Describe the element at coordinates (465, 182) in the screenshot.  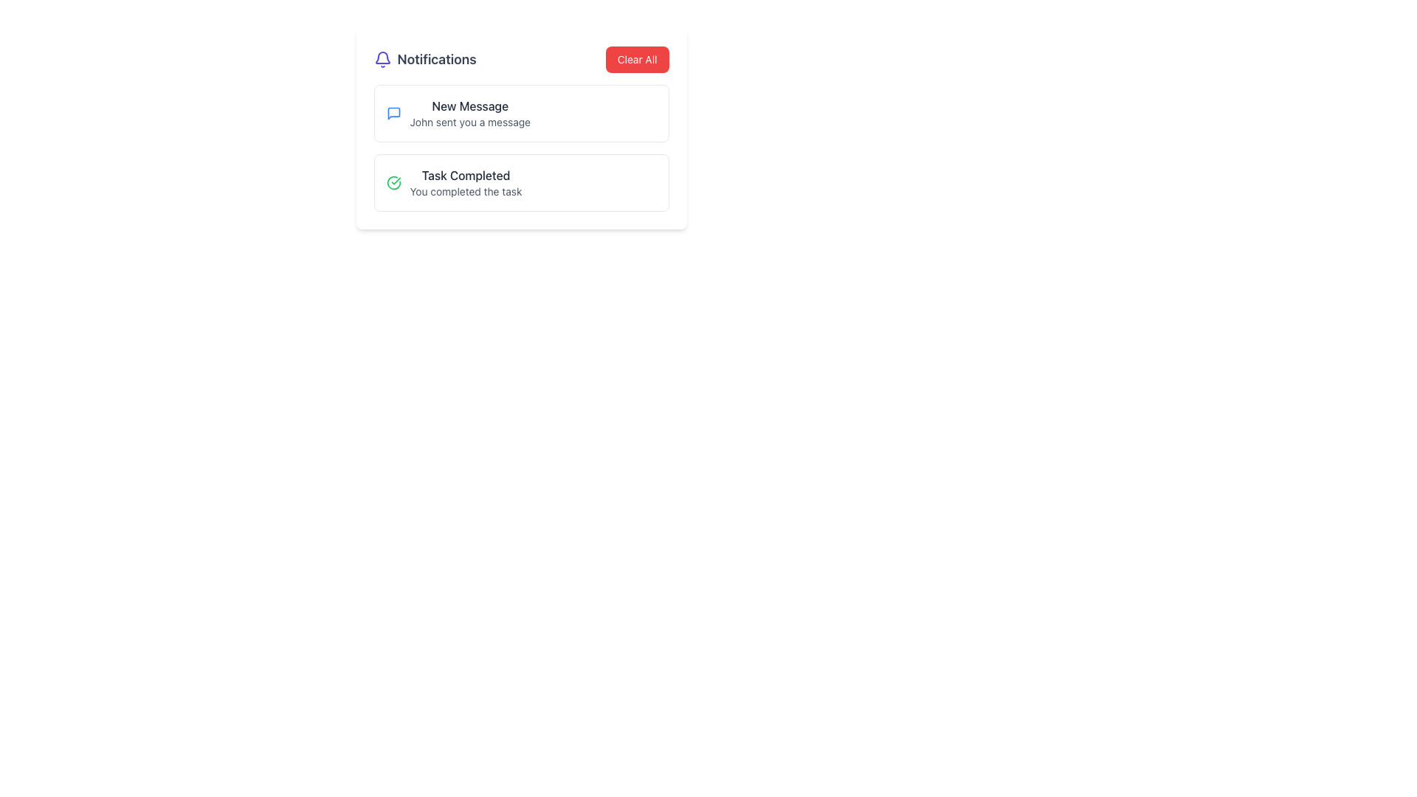
I see `the Text Block titled 'Task Completed' which is the second item in the notification card list to access related elements in the same group` at that location.